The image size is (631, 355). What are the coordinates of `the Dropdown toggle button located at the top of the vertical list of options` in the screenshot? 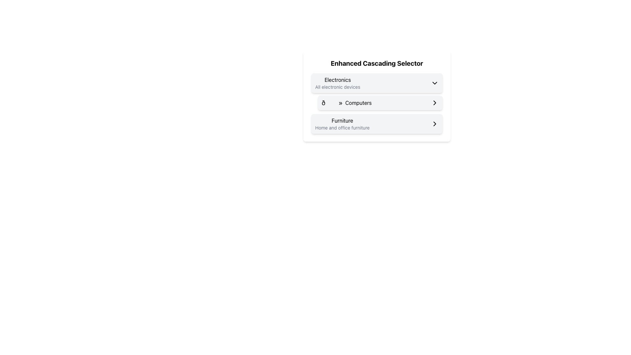 It's located at (377, 83).